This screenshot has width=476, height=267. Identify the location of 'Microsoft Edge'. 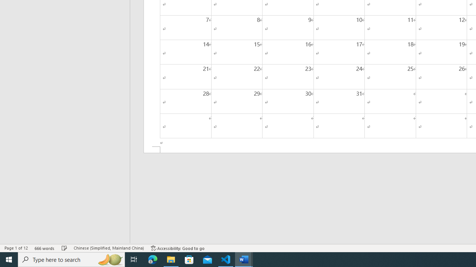
(152, 259).